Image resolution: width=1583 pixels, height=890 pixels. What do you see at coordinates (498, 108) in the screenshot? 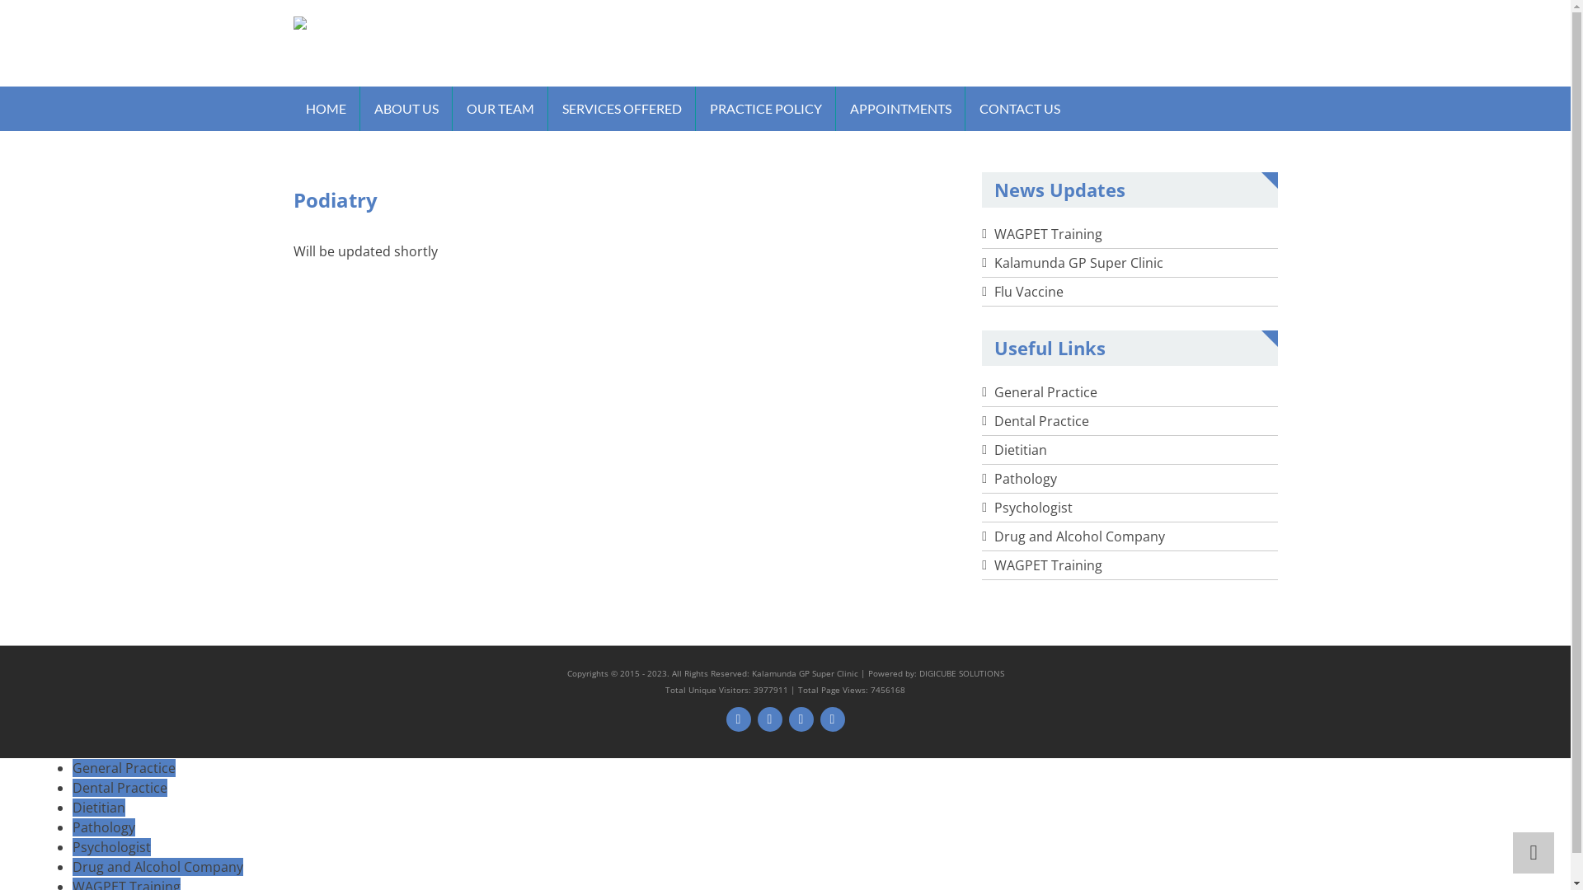
I see `'OUR TEAM'` at bounding box center [498, 108].